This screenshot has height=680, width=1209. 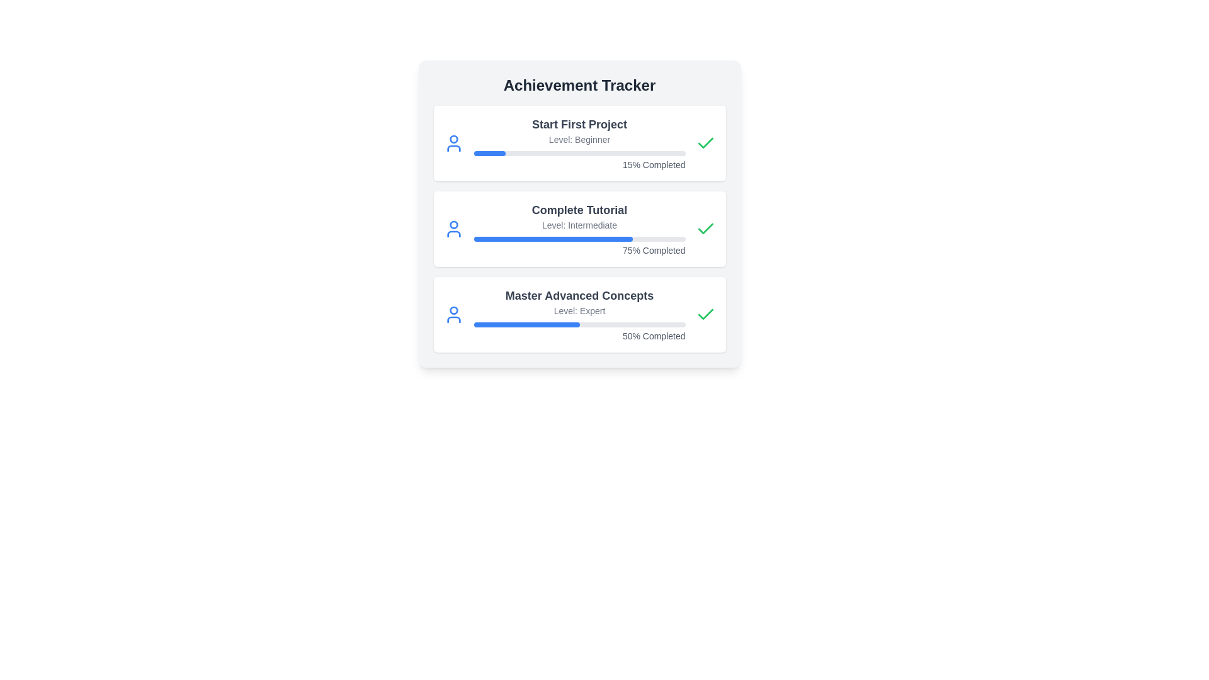 What do you see at coordinates (705, 229) in the screenshot?
I see `the checkmark icon within the green circle, which indicates completion, located near the 'Complete Tutorial' item in the achievement tracker interface` at bounding box center [705, 229].